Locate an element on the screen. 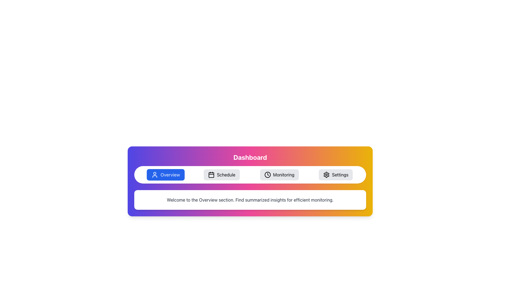 The width and height of the screenshot is (525, 295). the 'Monitoring' button, which contains a clock-shaped SVG icon is located at coordinates (267, 175).